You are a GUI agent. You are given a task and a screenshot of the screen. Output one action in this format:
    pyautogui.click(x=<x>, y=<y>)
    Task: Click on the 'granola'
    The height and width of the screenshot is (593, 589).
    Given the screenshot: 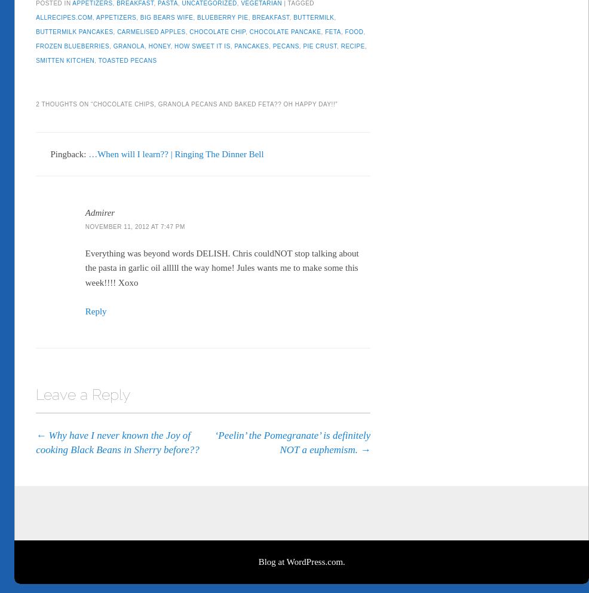 What is the action you would take?
    pyautogui.click(x=112, y=43)
    